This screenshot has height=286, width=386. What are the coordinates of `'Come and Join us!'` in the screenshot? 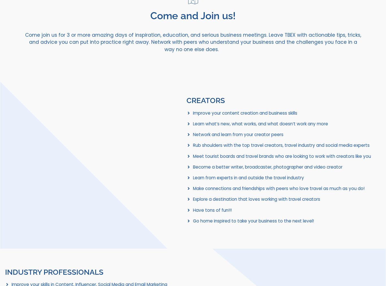 It's located at (150, 15).